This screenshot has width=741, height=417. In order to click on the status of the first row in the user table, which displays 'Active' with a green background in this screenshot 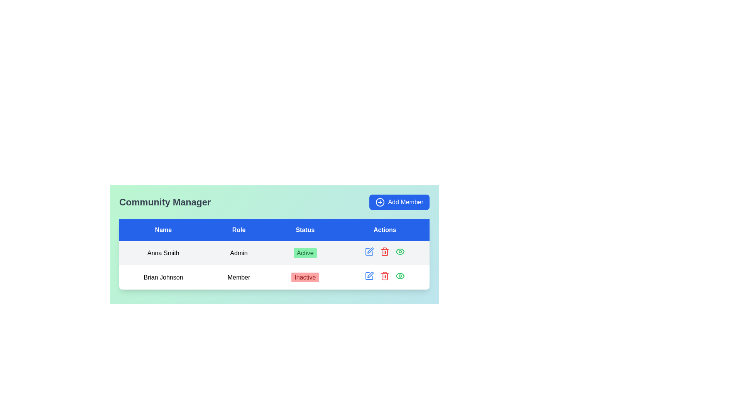, I will do `click(274, 253)`.